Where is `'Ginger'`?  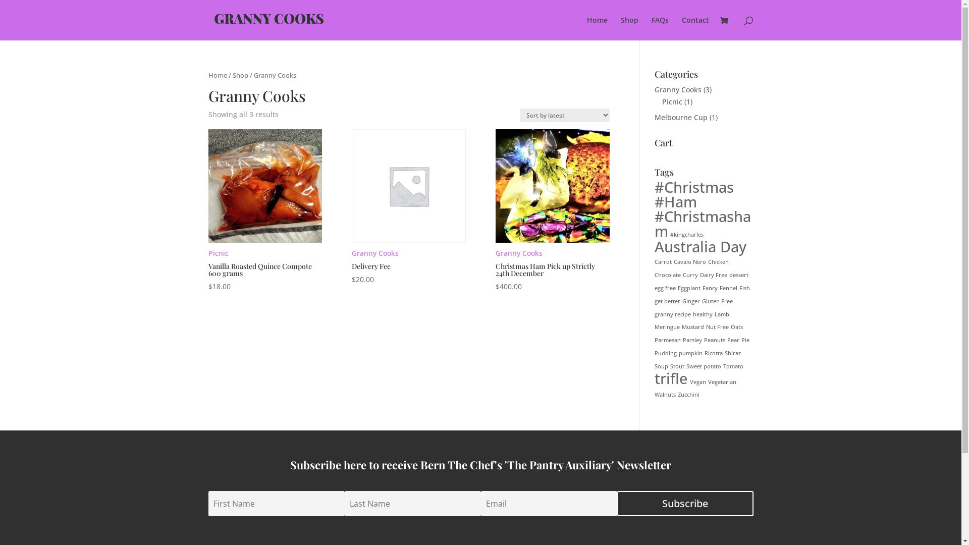 'Ginger' is located at coordinates (690, 301).